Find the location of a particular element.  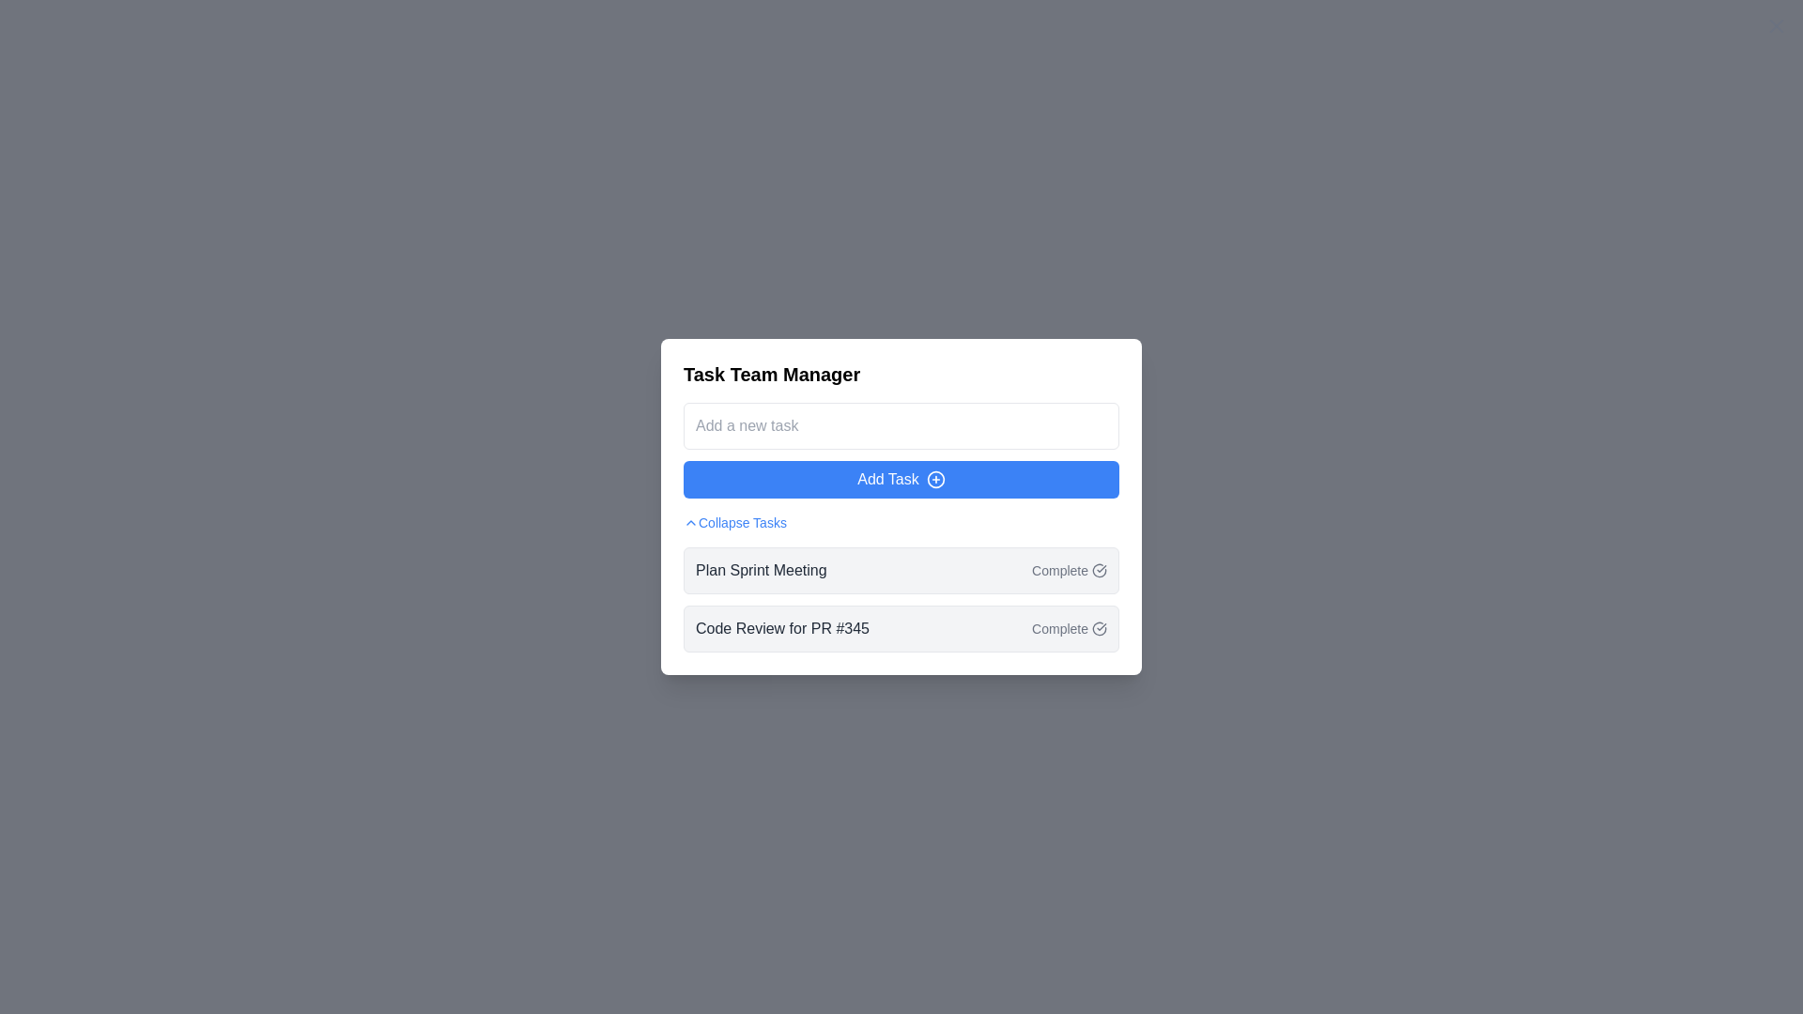

the text input field styled with the placeholder text 'Add a new task', located above the 'Add Task' button in the 'Task Team Manager' modal is located at coordinates (901, 450).